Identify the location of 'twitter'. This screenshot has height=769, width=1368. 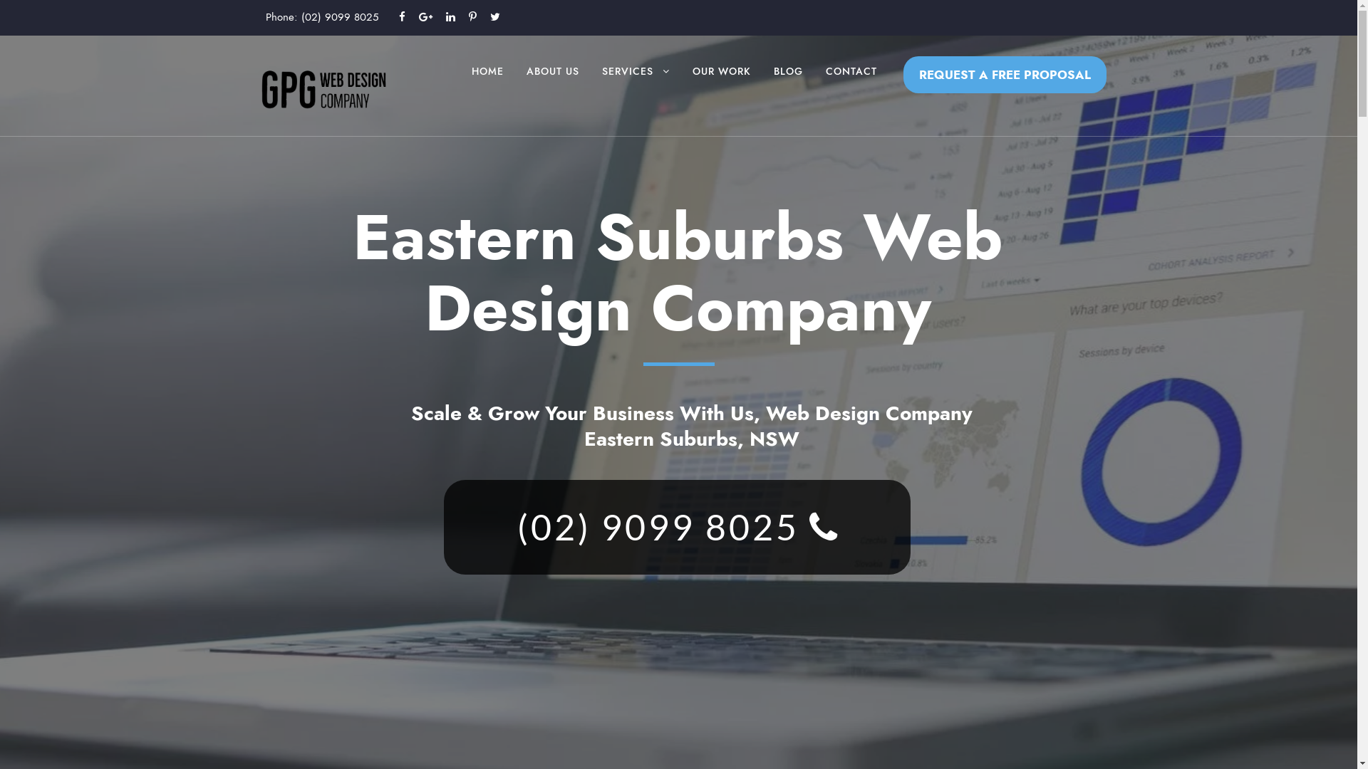
(495, 16).